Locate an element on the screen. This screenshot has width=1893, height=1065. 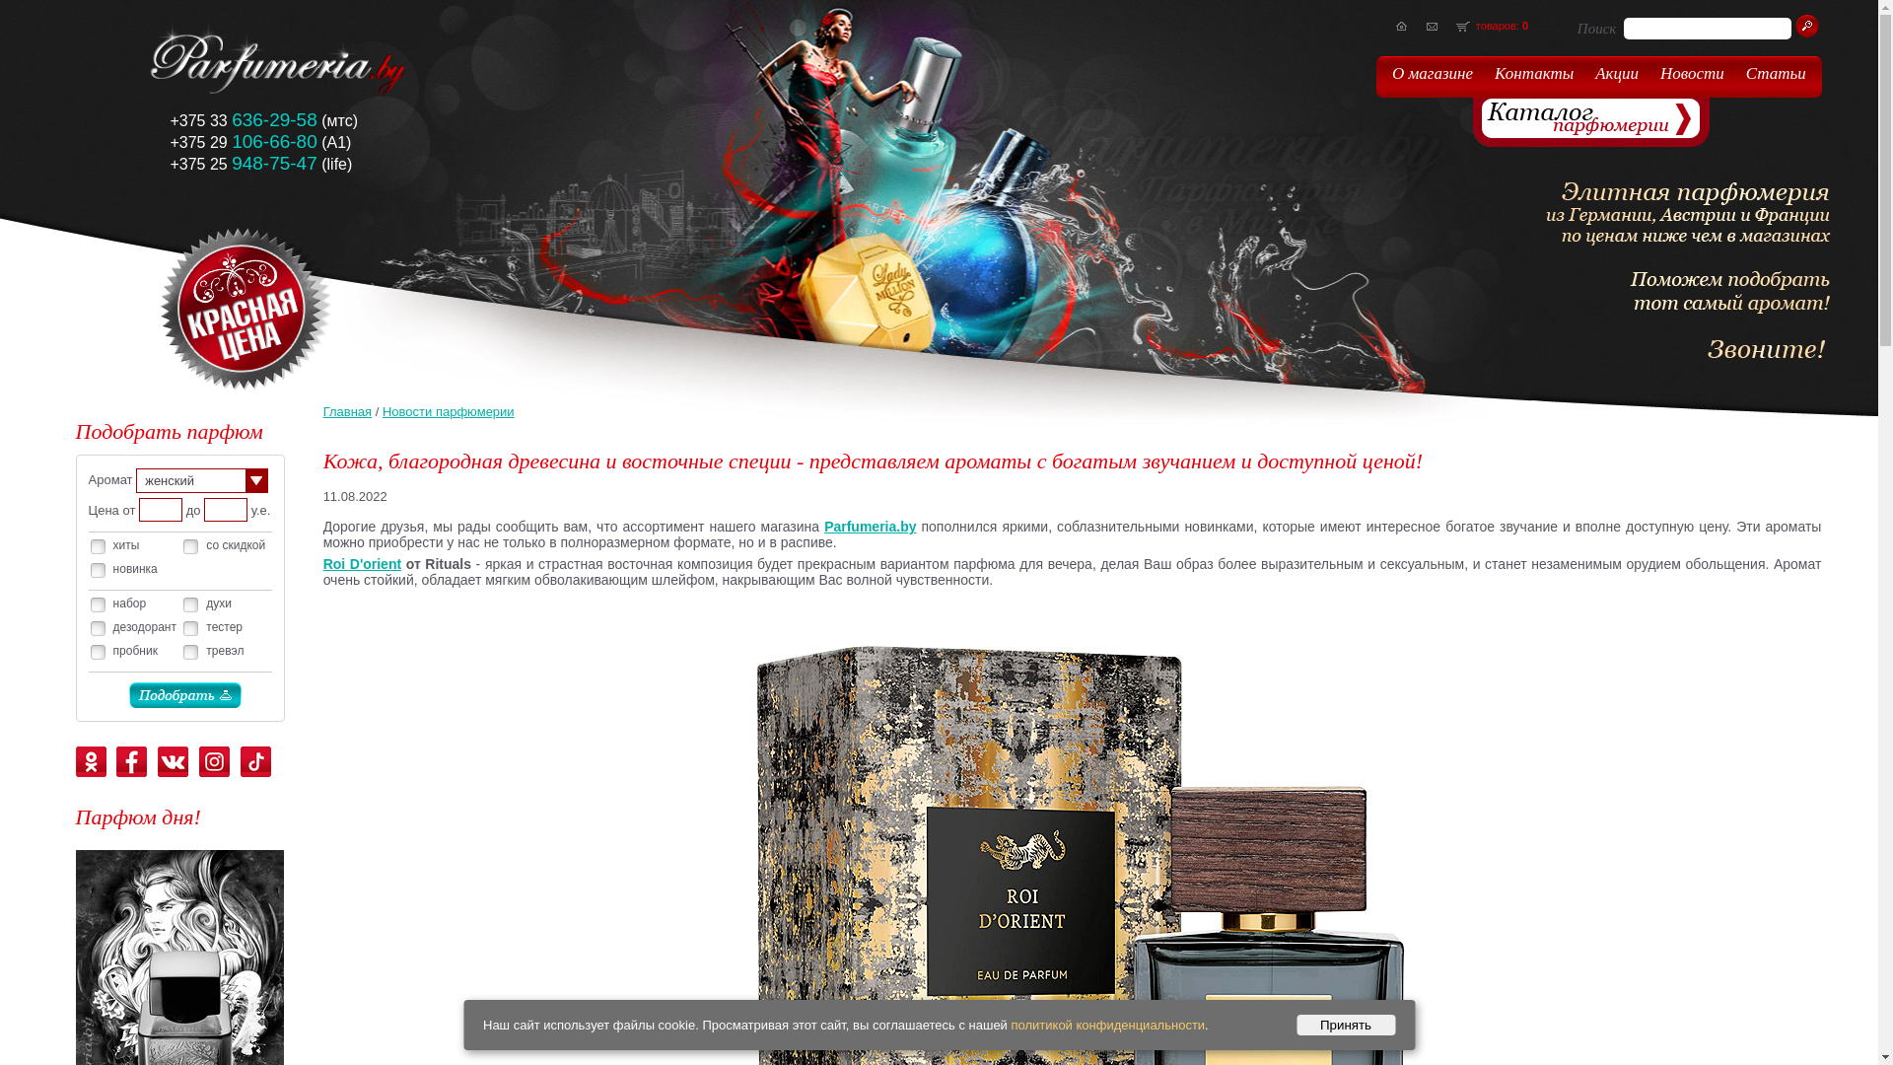
'106-66-80' is located at coordinates (273, 141).